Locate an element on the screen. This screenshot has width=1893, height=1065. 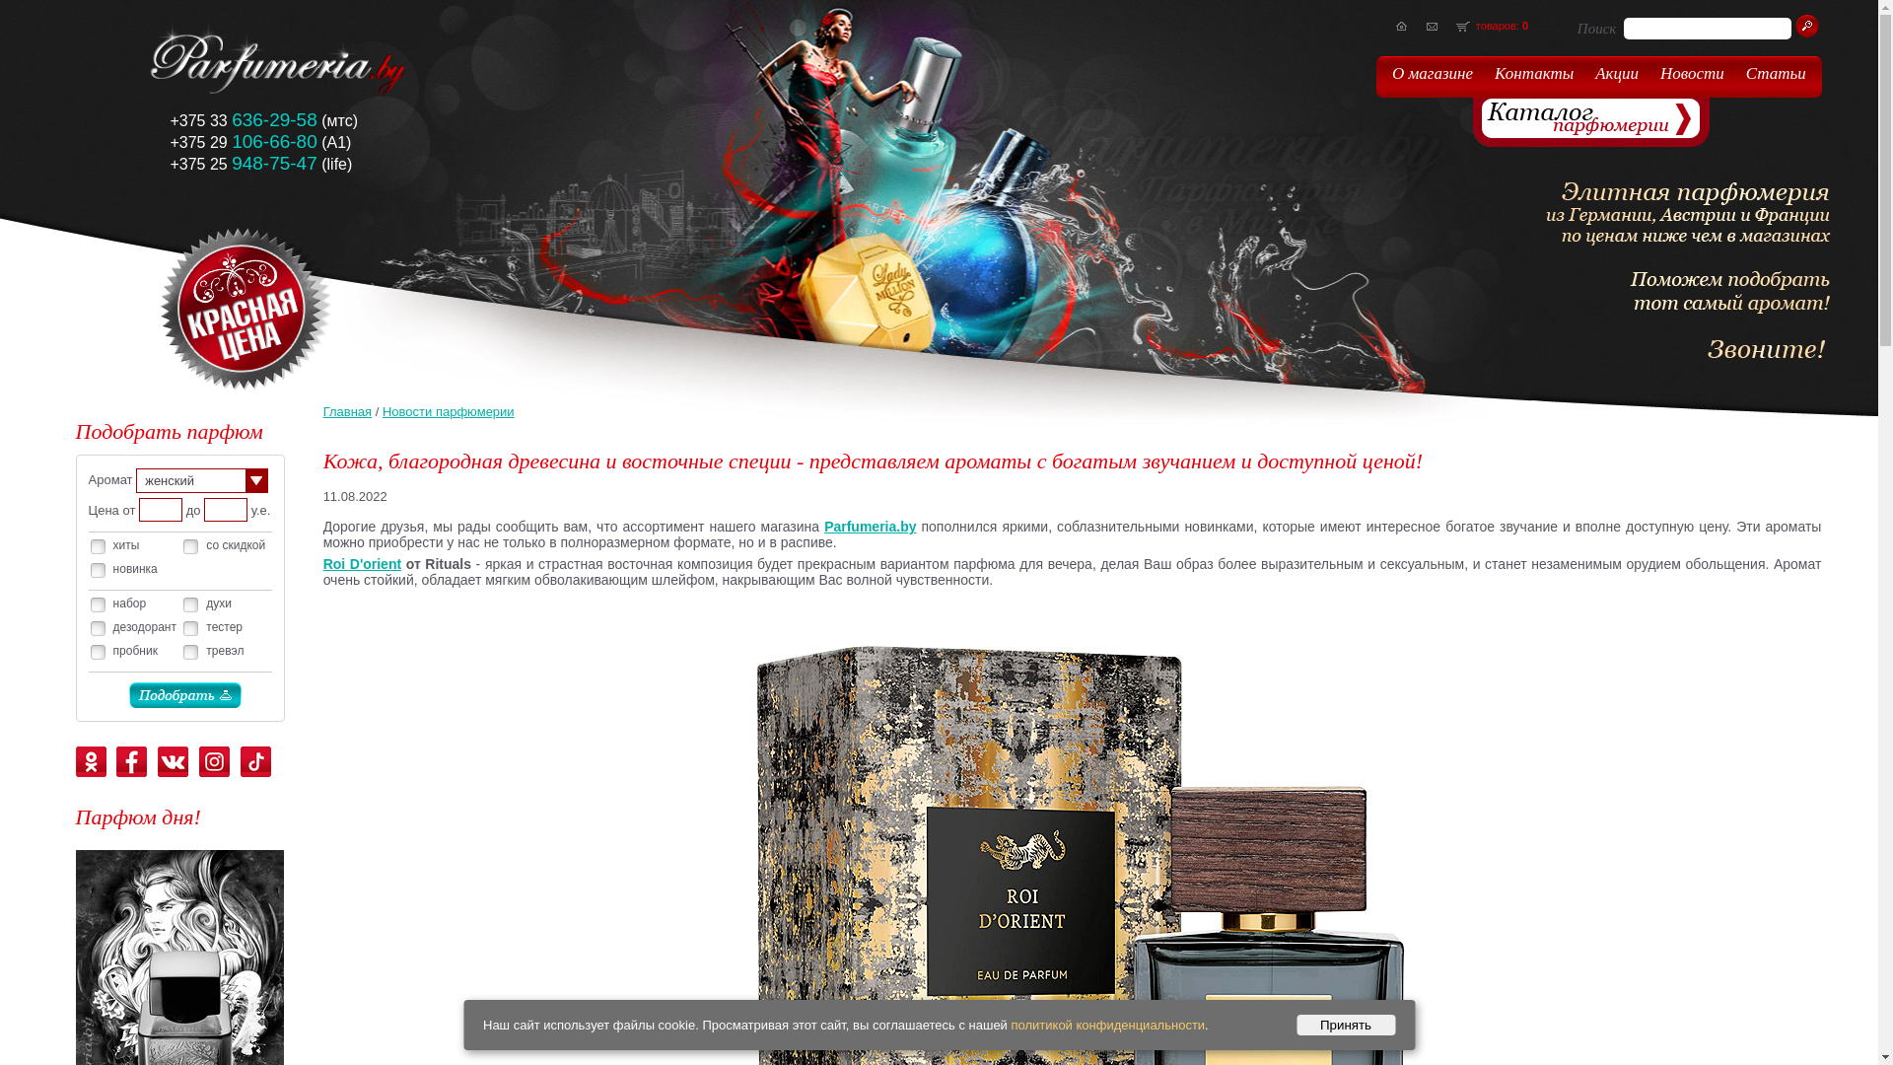
'106-66-80' is located at coordinates (273, 141).